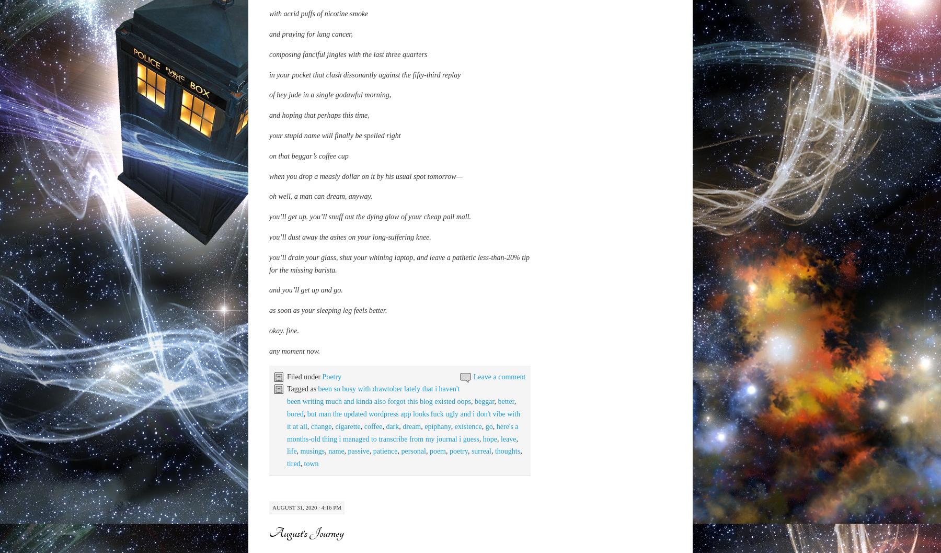 This screenshot has height=553, width=941. I want to click on 'tomorrow—', so click(444, 271).